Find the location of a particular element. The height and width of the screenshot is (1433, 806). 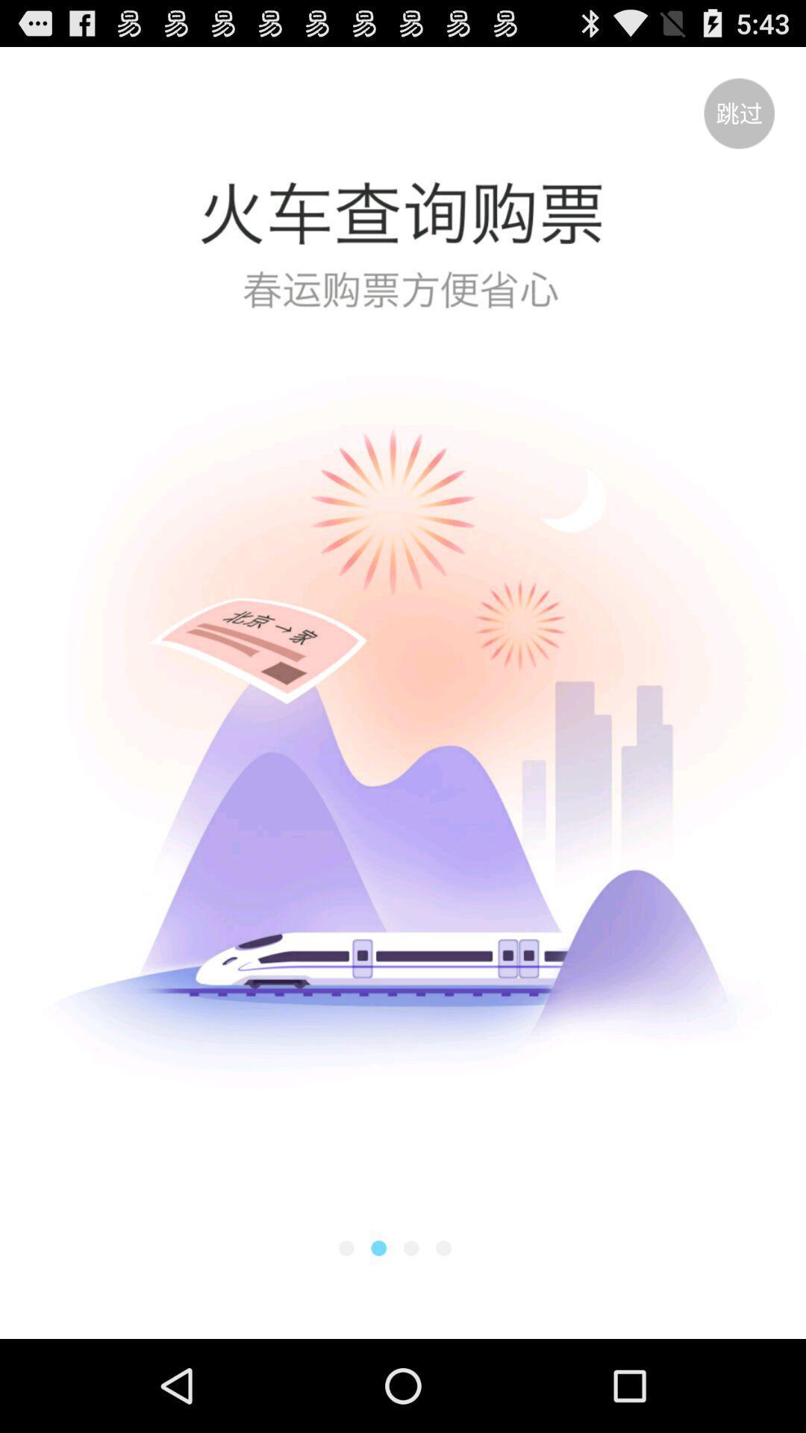

the item at the top right corner is located at coordinates (739, 113).